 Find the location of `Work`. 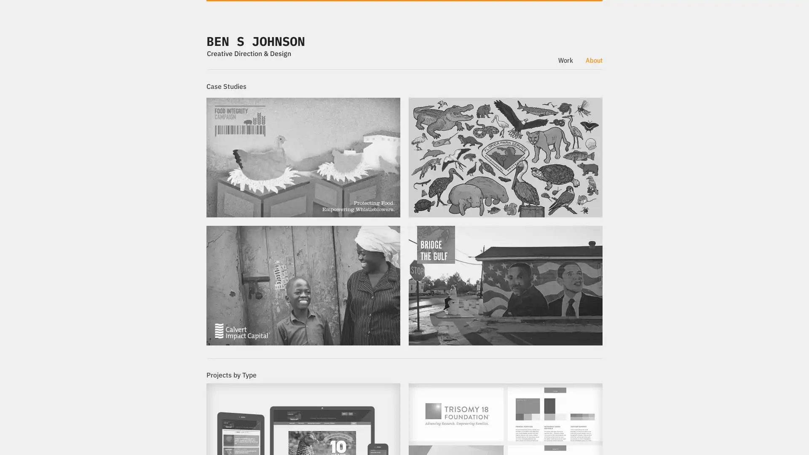

Work is located at coordinates (565, 59).